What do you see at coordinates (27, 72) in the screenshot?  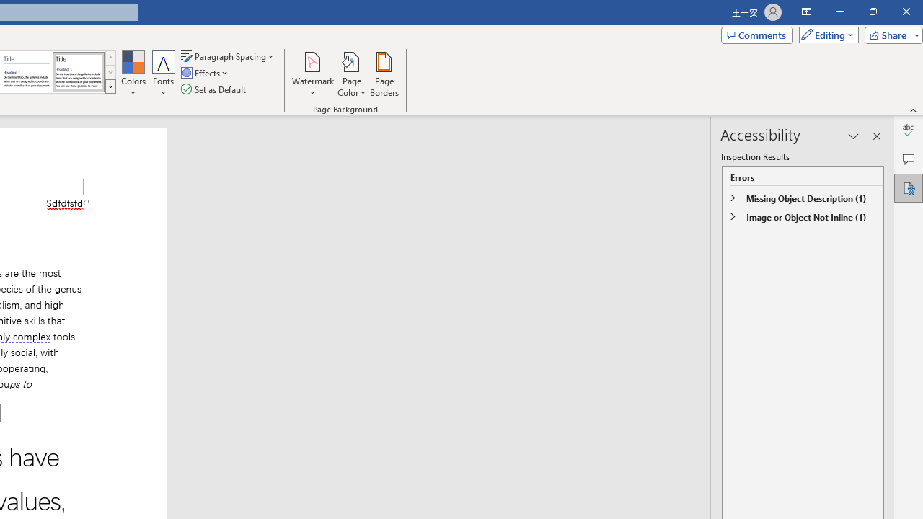 I see `'Word 2010'` at bounding box center [27, 72].